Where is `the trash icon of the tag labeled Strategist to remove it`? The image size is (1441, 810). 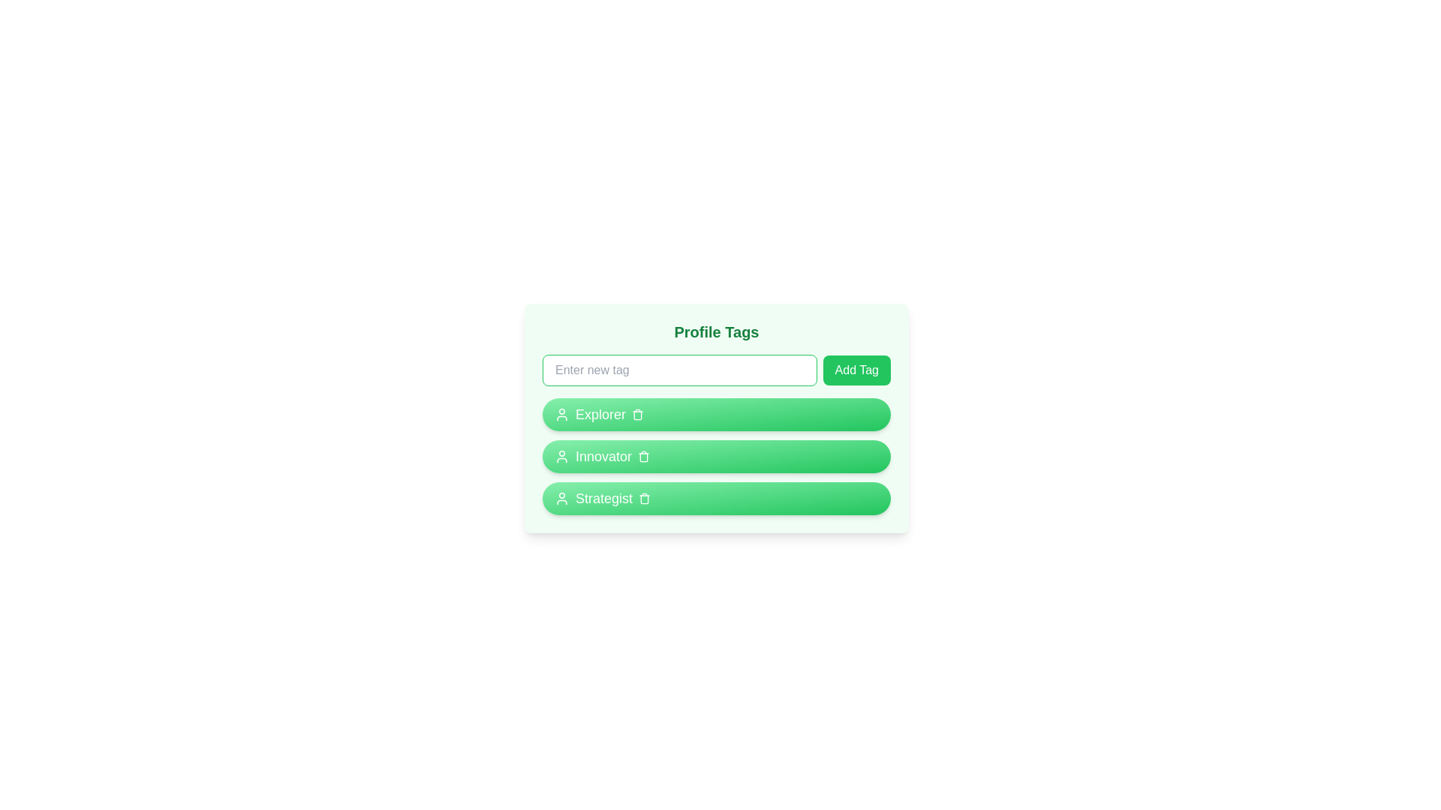 the trash icon of the tag labeled Strategist to remove it is located at coordinates (645, 498).